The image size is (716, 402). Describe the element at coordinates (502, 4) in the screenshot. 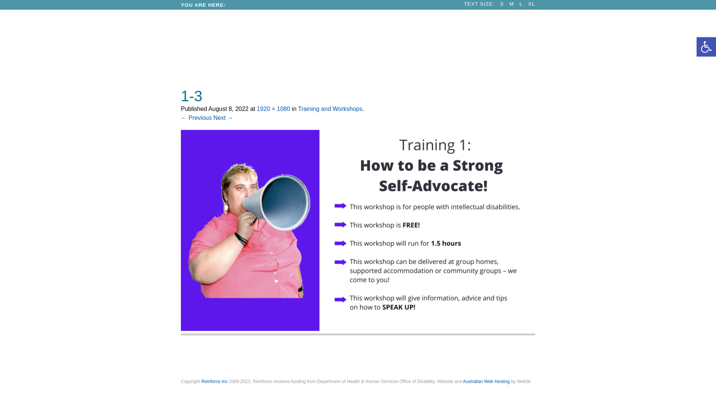

I see `'S'` at that location.